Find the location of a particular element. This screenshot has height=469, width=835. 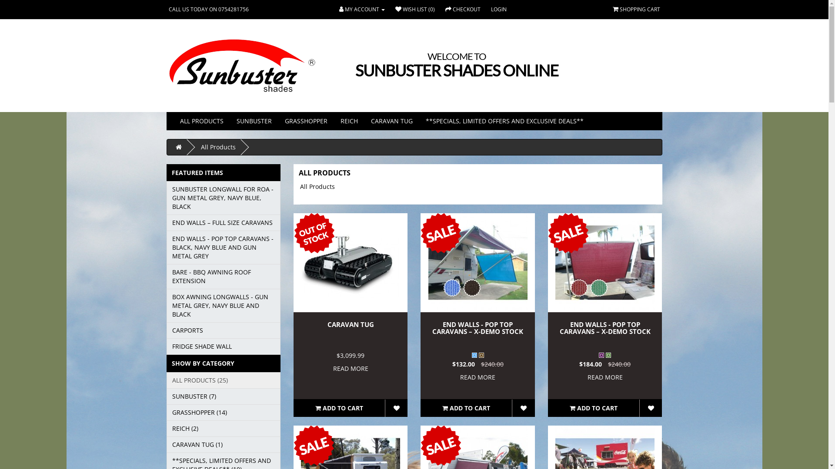

'All Products' is located at coordinates (218, 146).